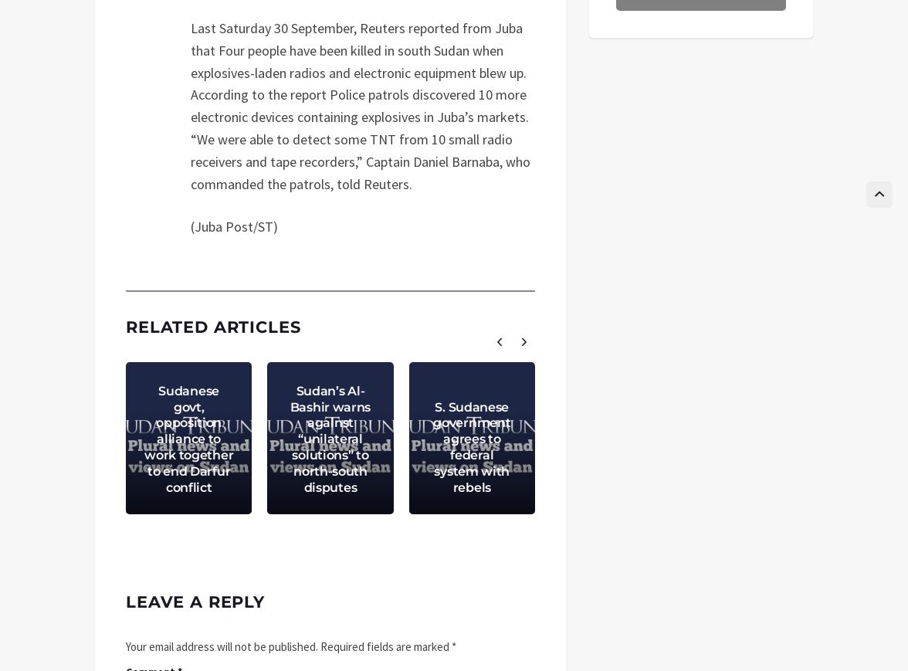 Image resolution: width=908 pixels, height=671 pixels. Describe the element at coordinates (188, 438) in the screenshot. I see `'Sudanese govt, opposition alliance to work together to end Darfur conflict'` at that location.